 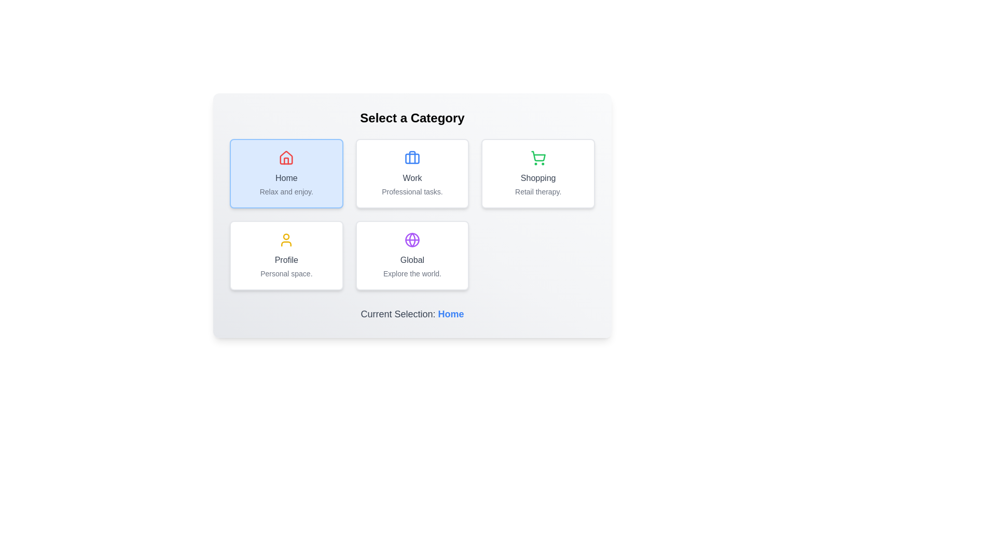 What do you see at coordinates (538, 173) in the screenshot?
I see `the category button corresponding to Shopping` at bounding box center [538, 173].